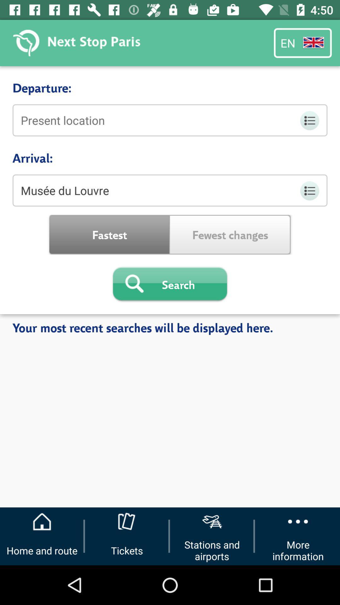 The height and width of the screenshot is (605, 340). What do you see at coordinates (212, 521) in the screenshot?
I see `the icon above the button stations and airports on the web page` at bounding box center [212, 521].